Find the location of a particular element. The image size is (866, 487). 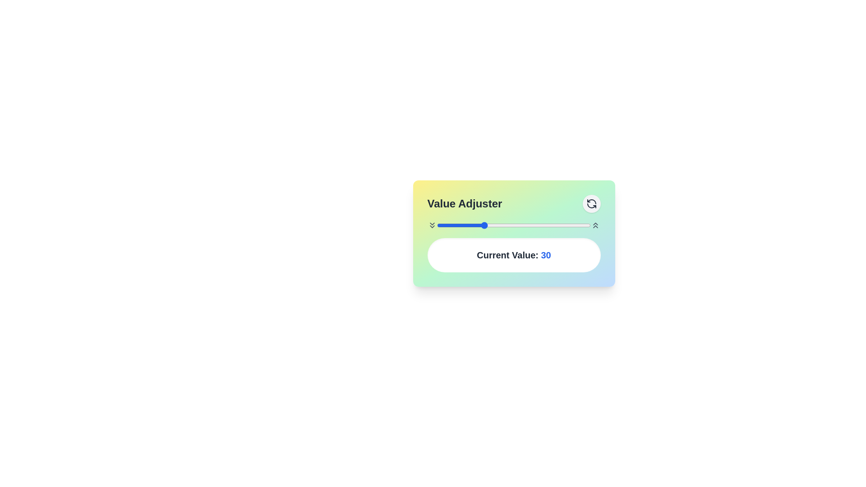

the slider to set the value to 40 is located at coordinates (498, 225).